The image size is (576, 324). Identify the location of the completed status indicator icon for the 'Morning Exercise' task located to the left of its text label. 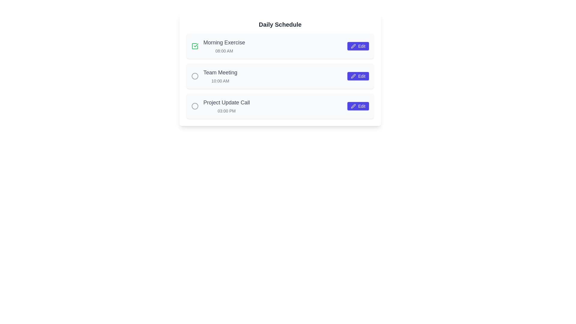
(196, 45).